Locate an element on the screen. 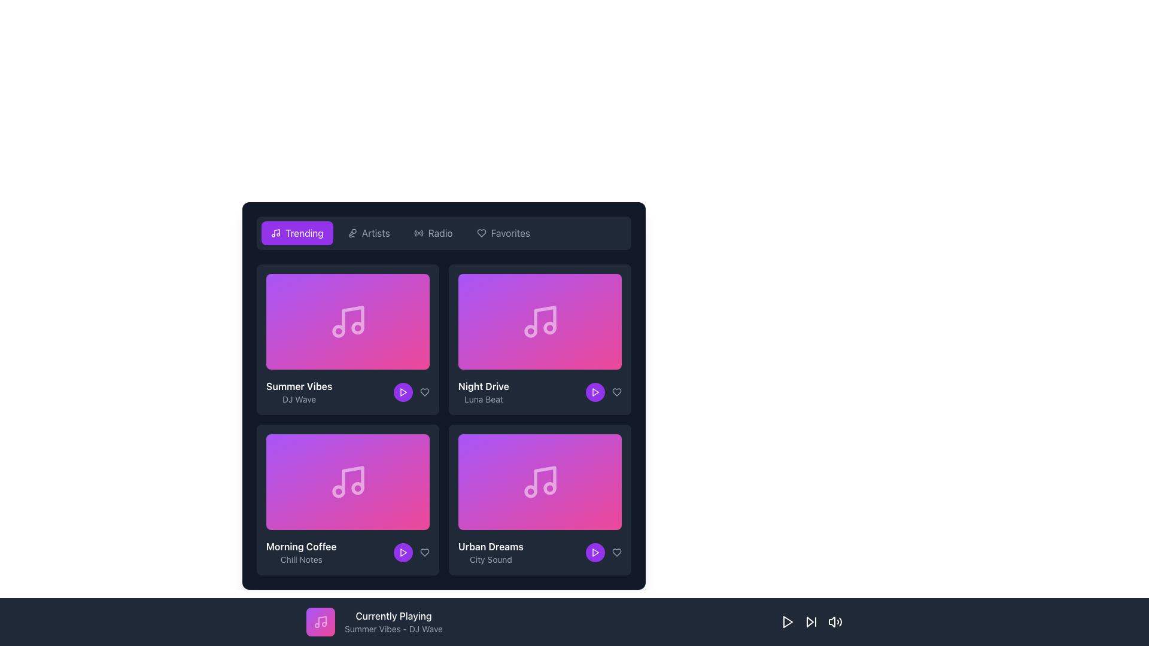 The width and height of the screenshot is (1149, 646). the 'Artists' navigation link element using keyboard navigation is located at coordinates (375, 233).